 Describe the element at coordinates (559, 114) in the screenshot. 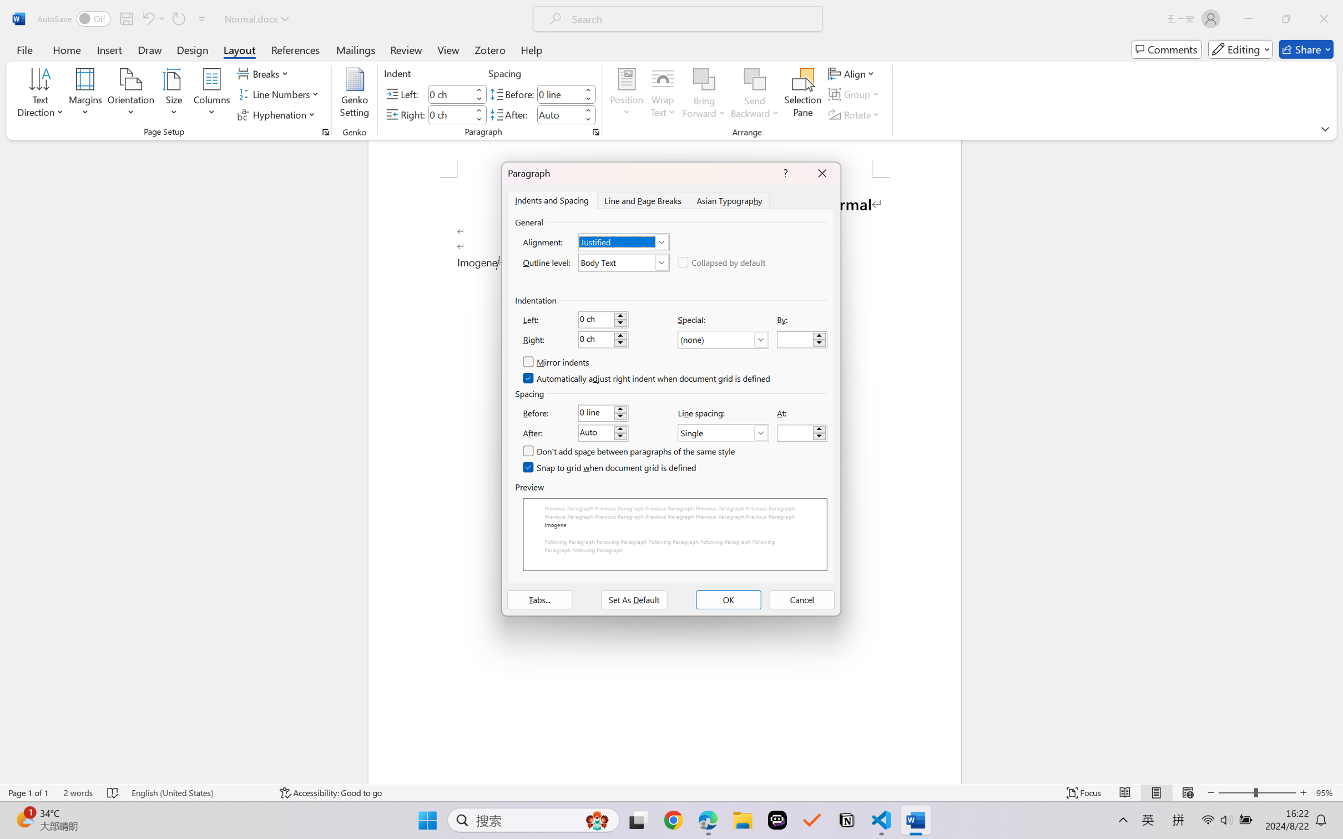

I see `'Spacing After'` at that location.